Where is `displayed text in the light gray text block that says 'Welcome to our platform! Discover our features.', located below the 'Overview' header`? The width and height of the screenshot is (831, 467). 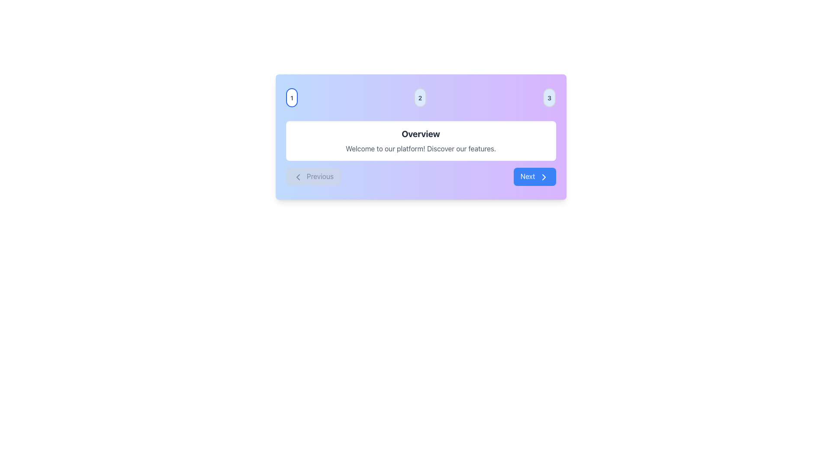
displayed text in the light gray text block that says 'Welcome to our platform! Discover our features.', located below the 'Overview' header is located at coordinates (421, 148).